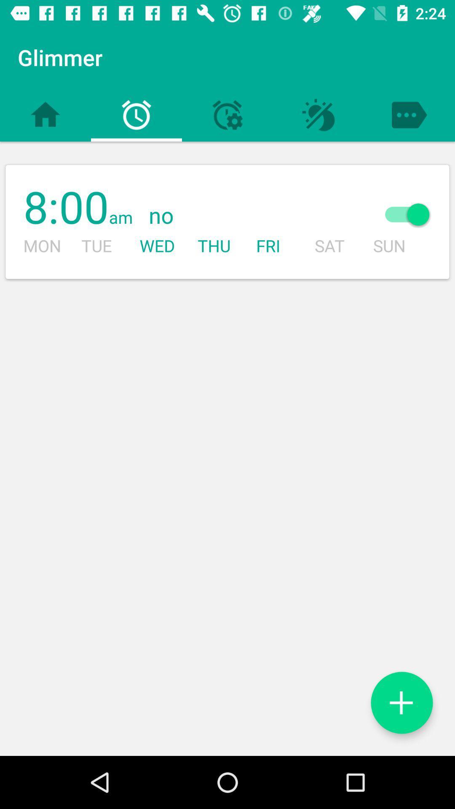  What do you see at coordinates (401, 702) in the screenshot?
I see `another alarm` at bounding box center [401, 702].